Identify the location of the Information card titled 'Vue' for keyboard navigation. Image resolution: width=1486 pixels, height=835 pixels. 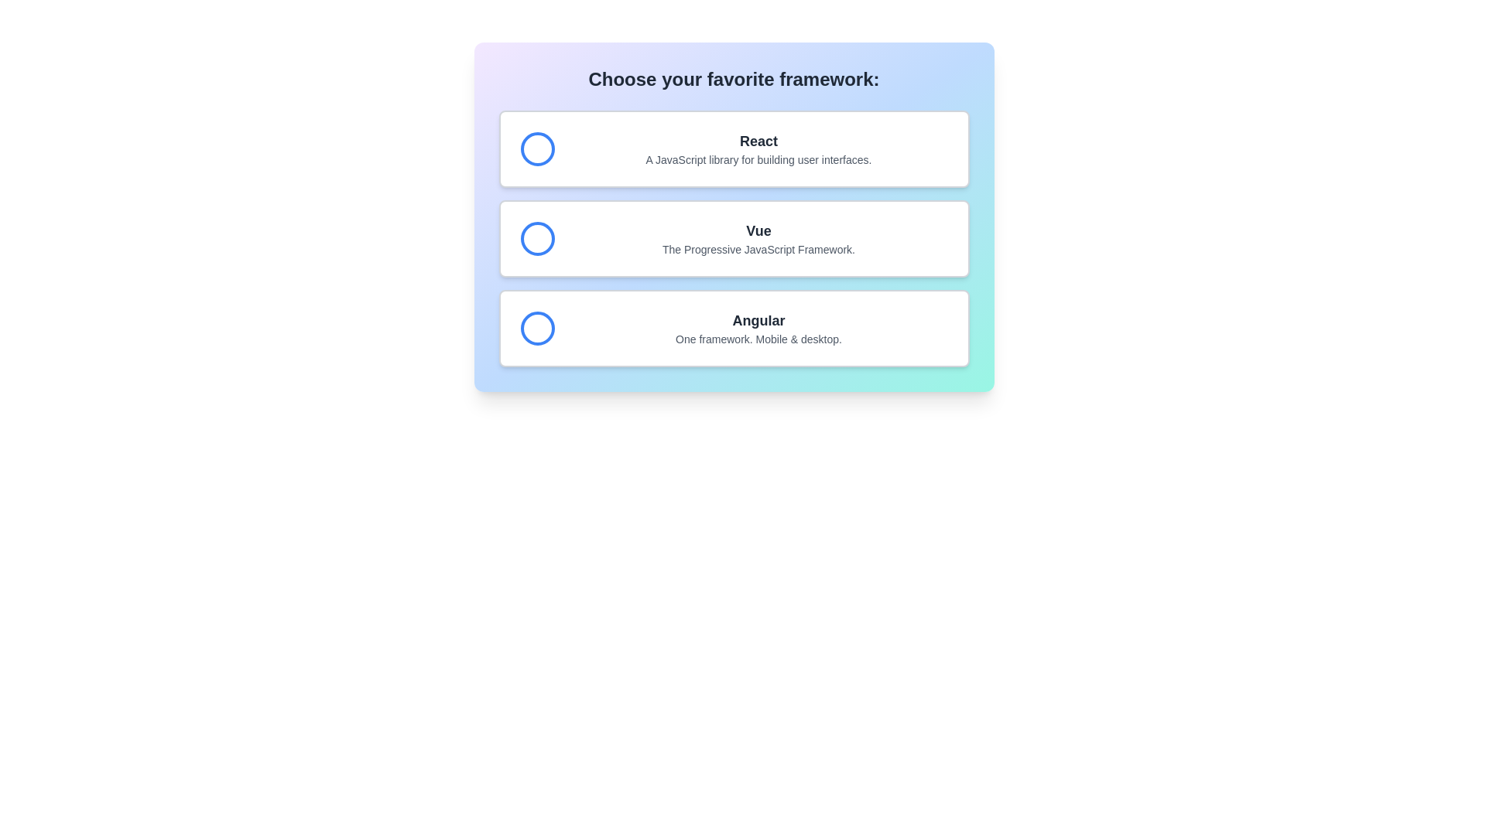
(733, 238).